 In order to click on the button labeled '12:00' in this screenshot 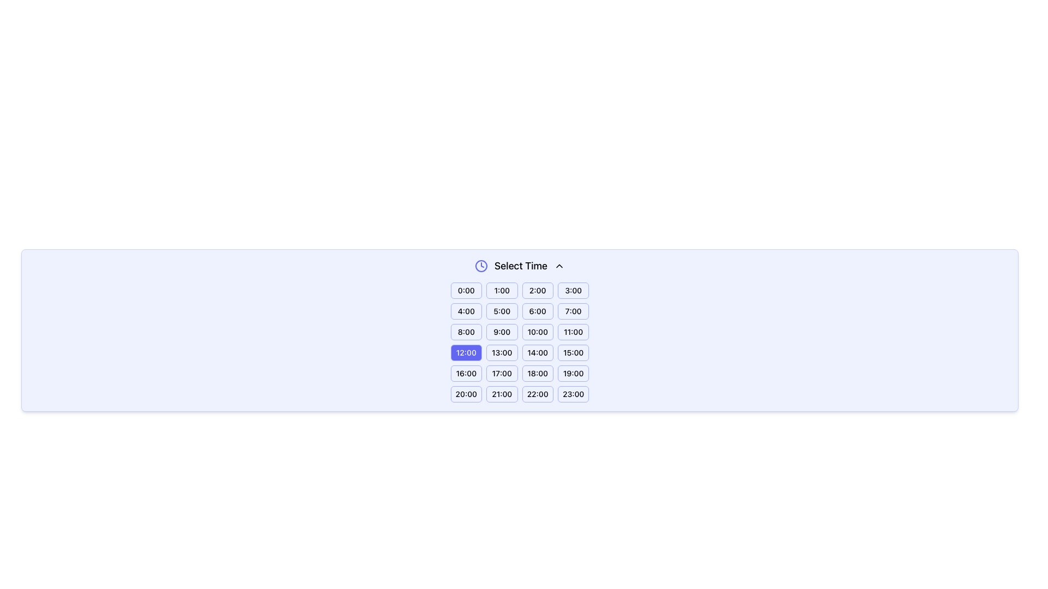, I will do `click(466, 353)`.